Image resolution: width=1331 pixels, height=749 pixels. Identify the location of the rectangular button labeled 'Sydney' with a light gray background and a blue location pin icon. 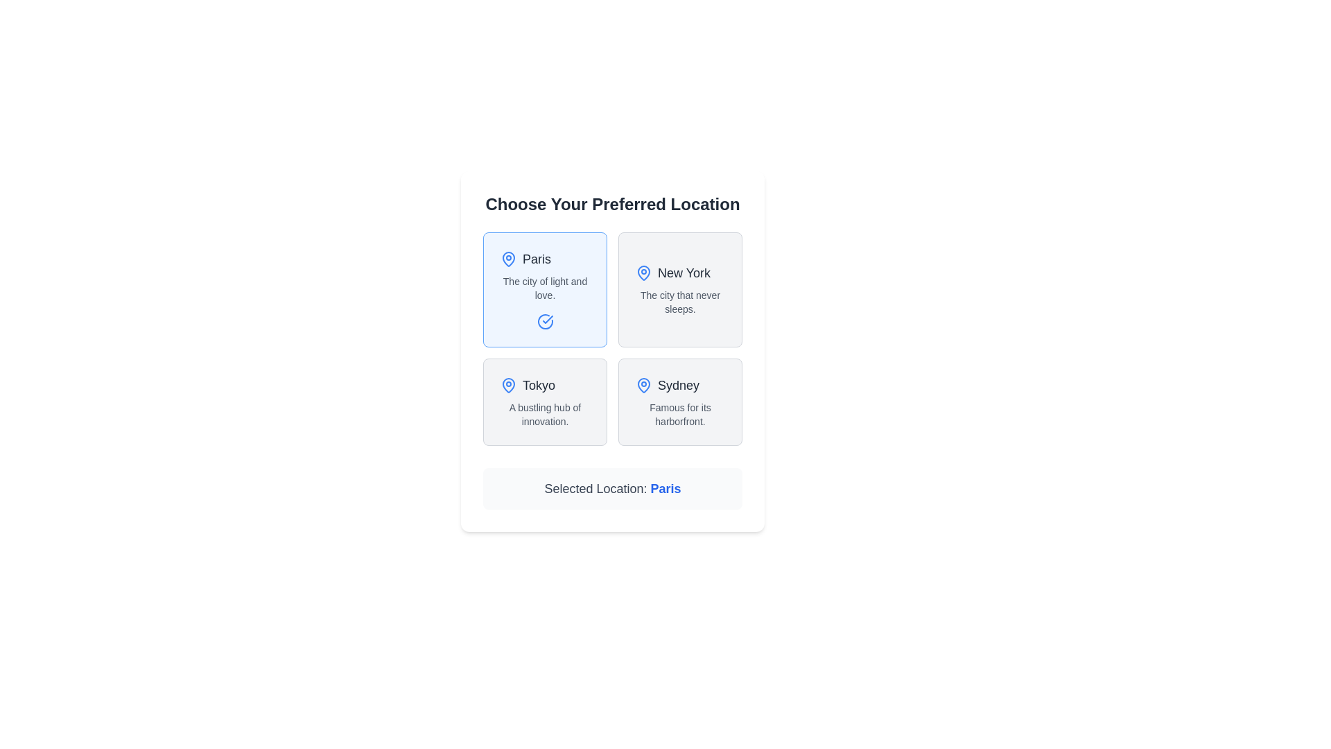
(680, 402).